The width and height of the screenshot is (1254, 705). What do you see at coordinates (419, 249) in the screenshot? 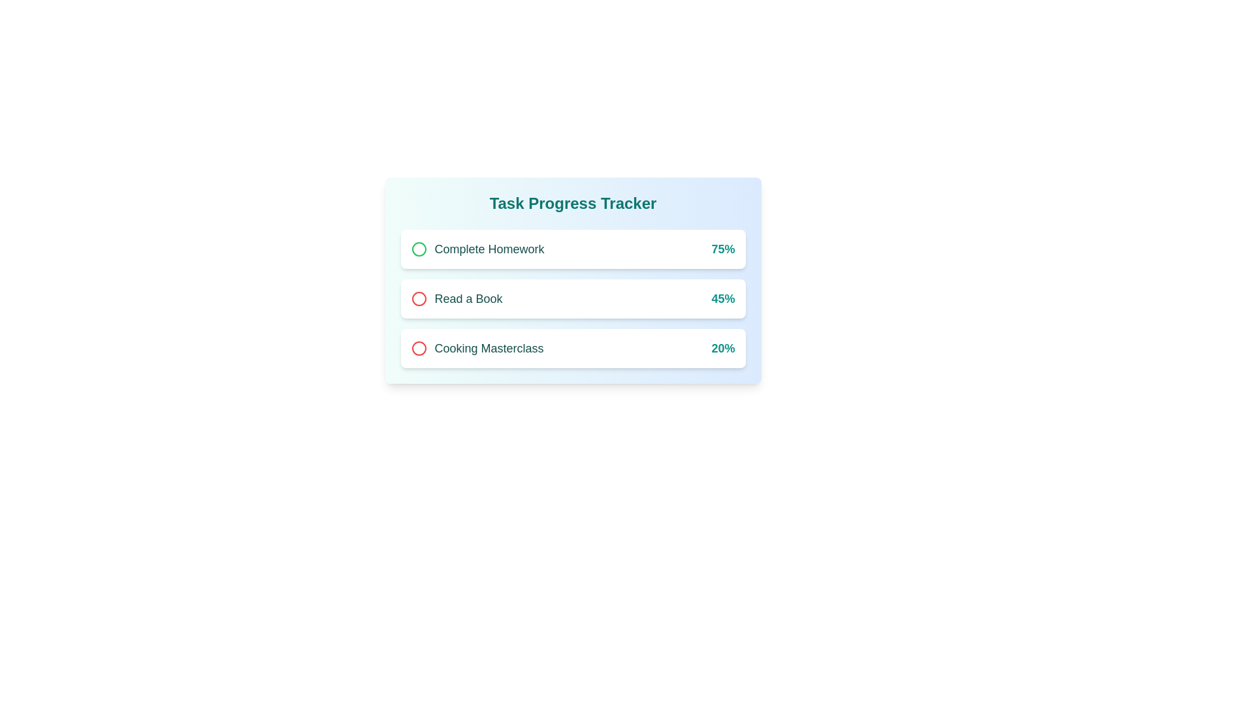
I see `the circular outline of the 'Complete Homework' task item in the task progress tracker interface` at bounding box center [419, 249].